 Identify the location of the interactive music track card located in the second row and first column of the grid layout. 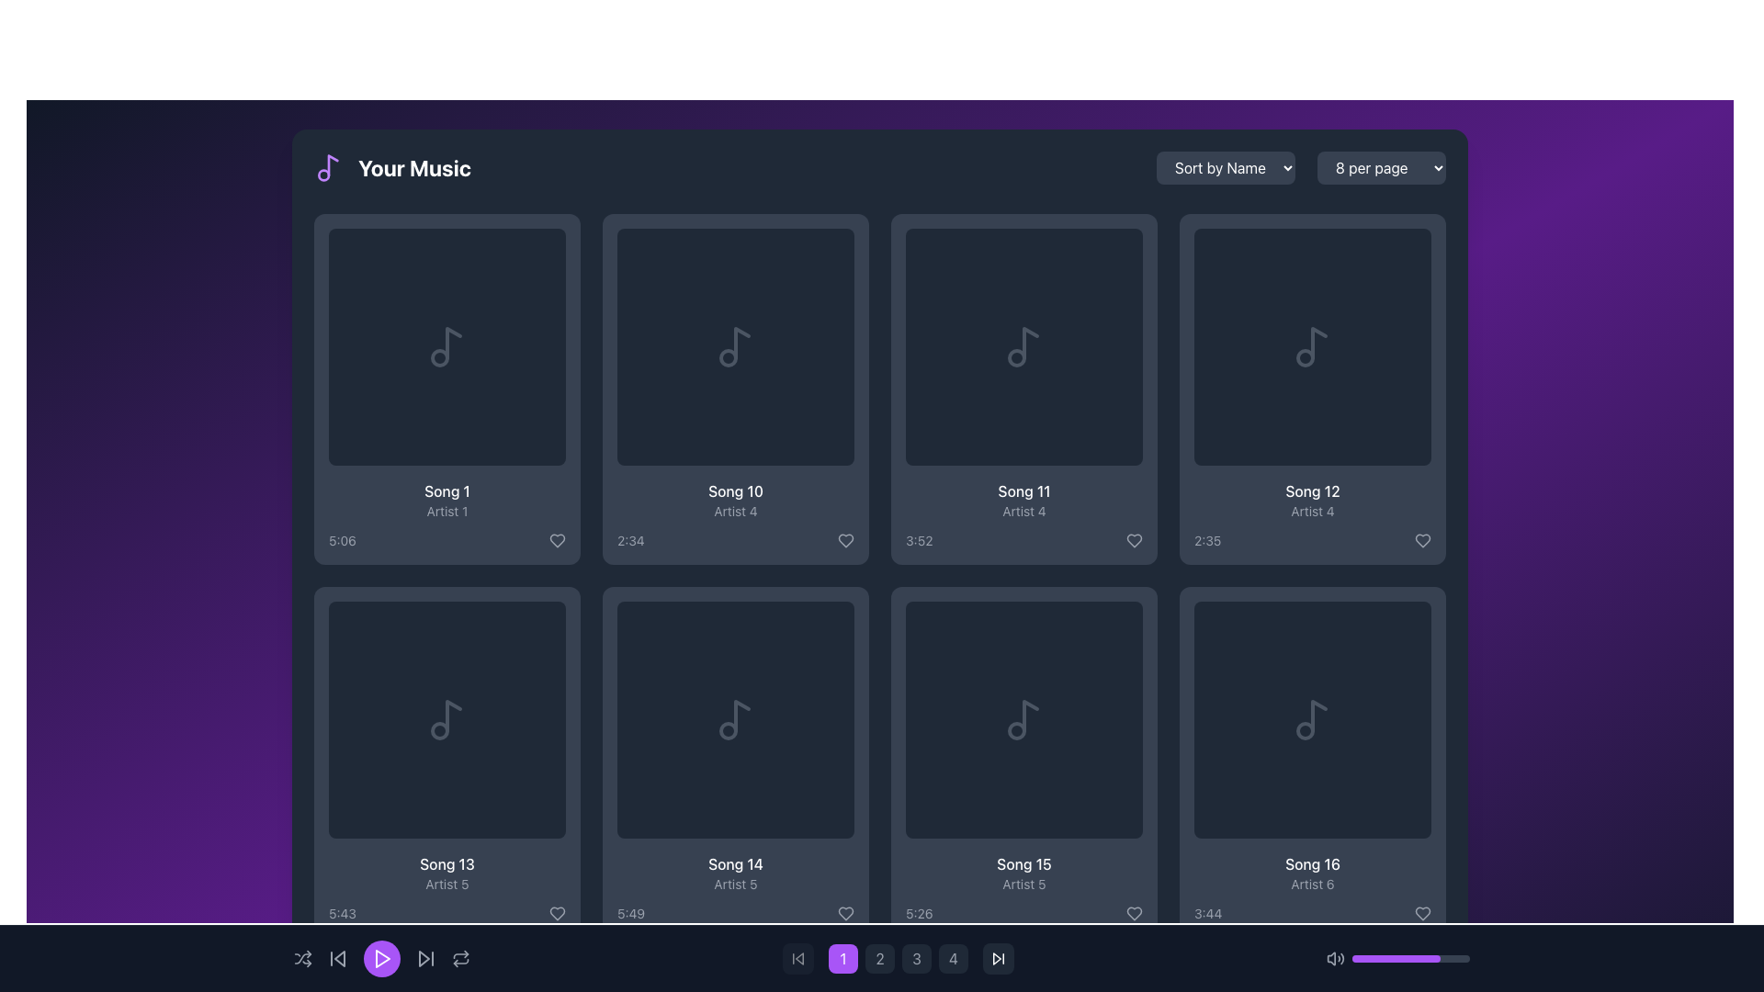
(447, 761).